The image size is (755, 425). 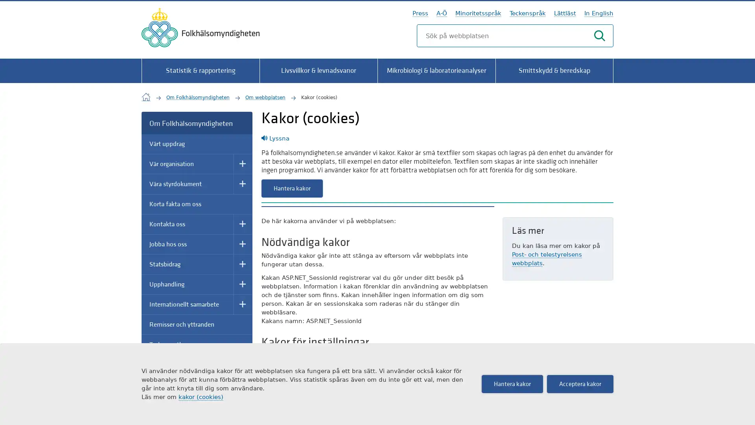 What do you see at coordinates (242, 163) in the screenshot?
I see `Expandera` at bounding box center [242, 163].